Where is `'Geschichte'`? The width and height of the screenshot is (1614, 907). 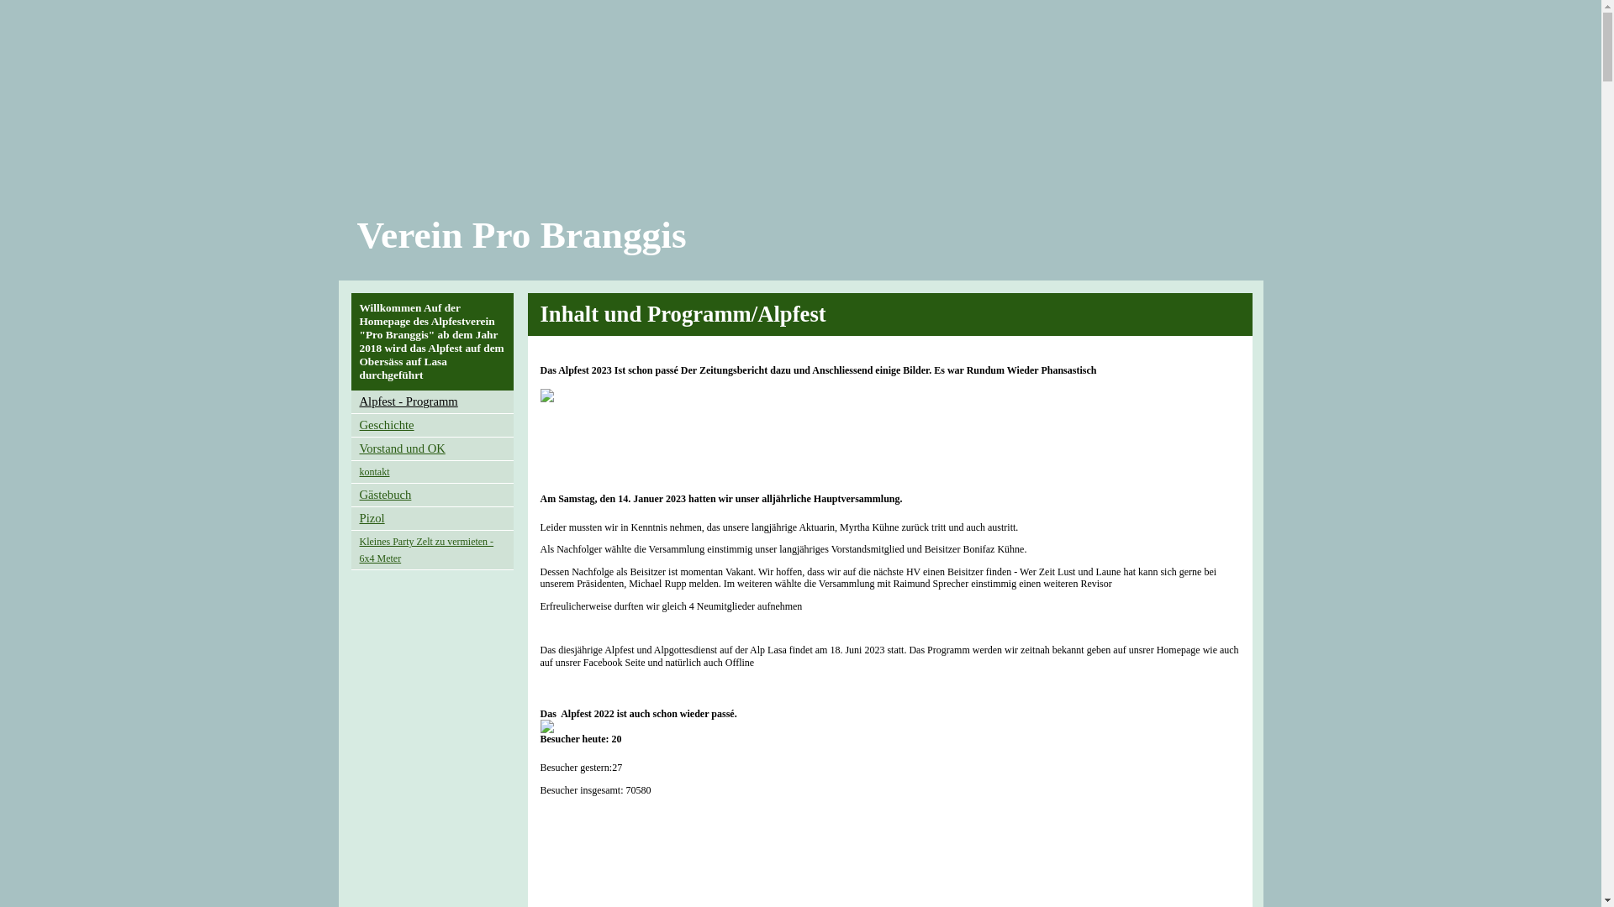
'Geschichte' is located at coordinates (386, 424).